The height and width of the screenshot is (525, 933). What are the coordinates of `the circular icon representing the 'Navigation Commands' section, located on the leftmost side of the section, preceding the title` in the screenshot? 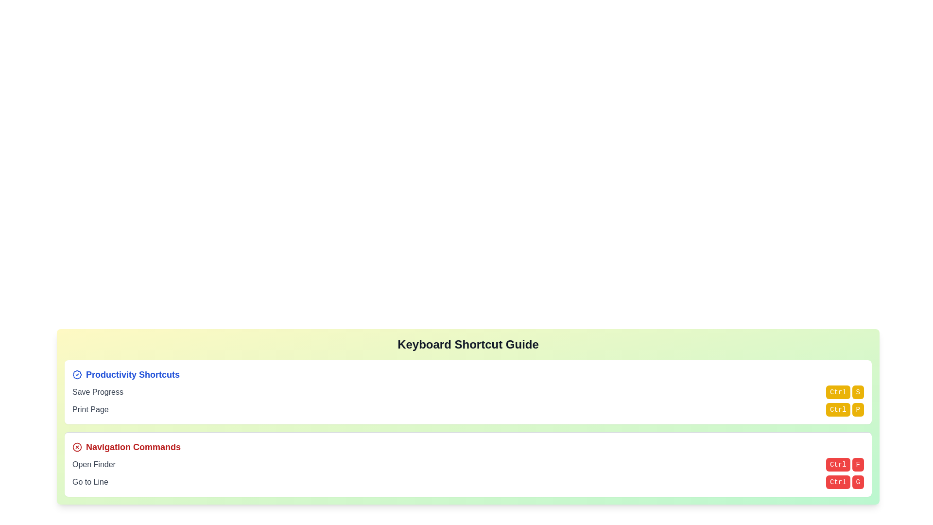 It's located at (76, 447).